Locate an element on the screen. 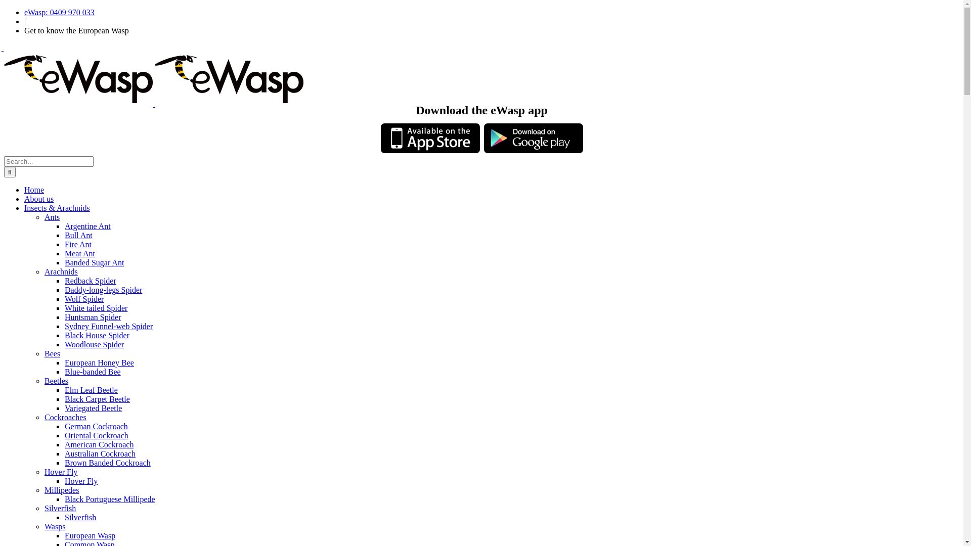 The width and height of the screenshot is (971, 546). 'Sydney Funnel-web Spider' is located at coordinates (109, 326).